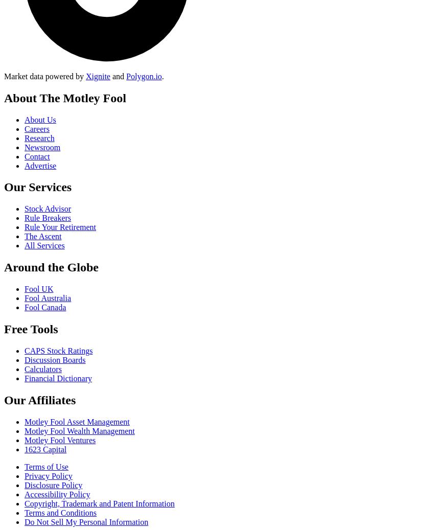 This screenshot has height=530, width=435. What do you see at coordinates (118, 75) in the screenshot?
I see `'and'` at bounding box center [118, 75].